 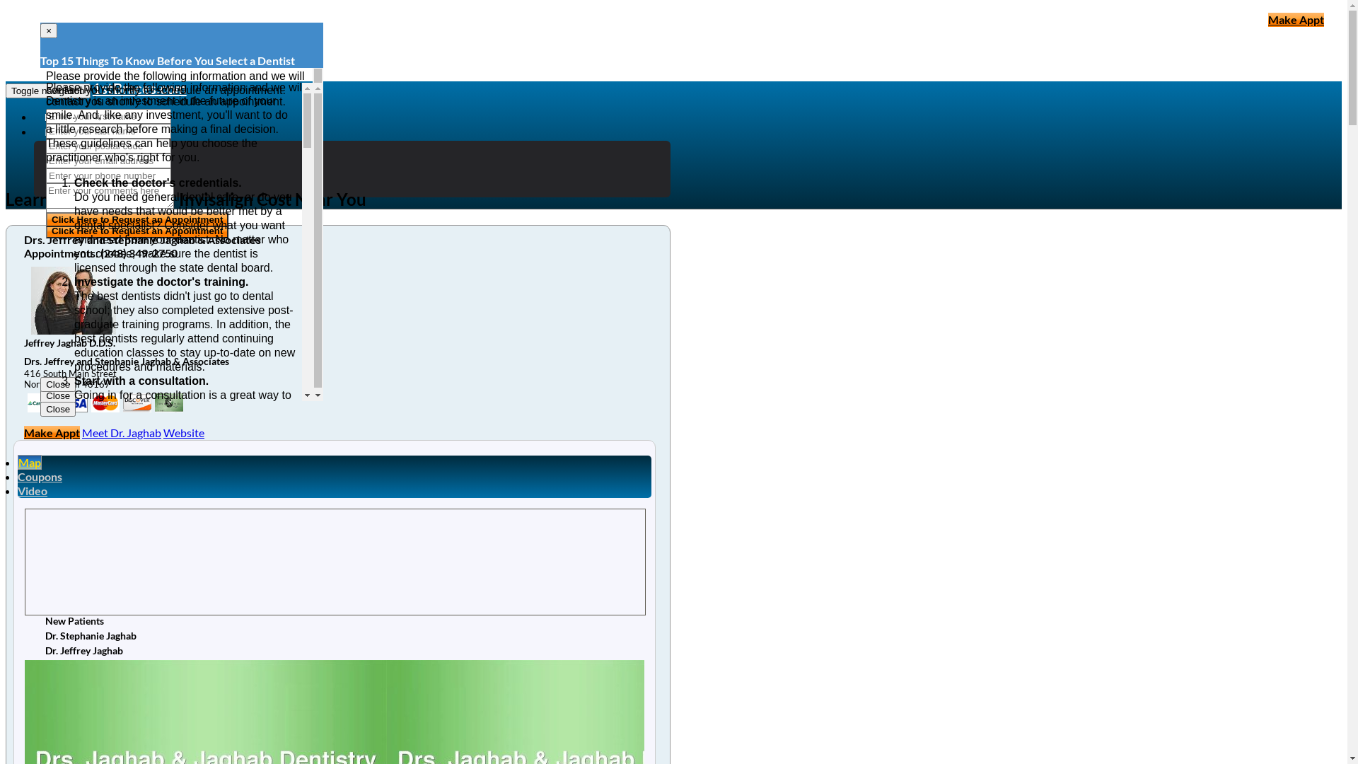 What do you see at coordinates (169, 403) in the screenshot?
I see `'my title'` at bounding box center [169, 403].